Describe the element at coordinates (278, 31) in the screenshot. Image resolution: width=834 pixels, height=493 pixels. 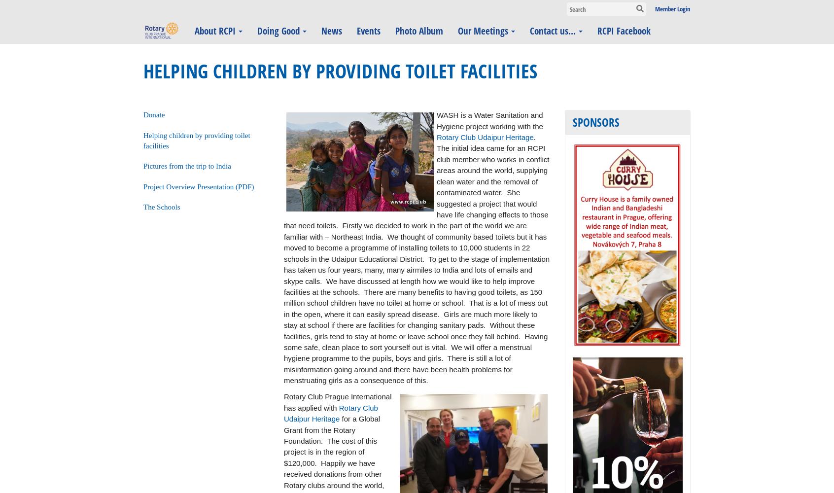
I see `'Doing Good'` at that location.